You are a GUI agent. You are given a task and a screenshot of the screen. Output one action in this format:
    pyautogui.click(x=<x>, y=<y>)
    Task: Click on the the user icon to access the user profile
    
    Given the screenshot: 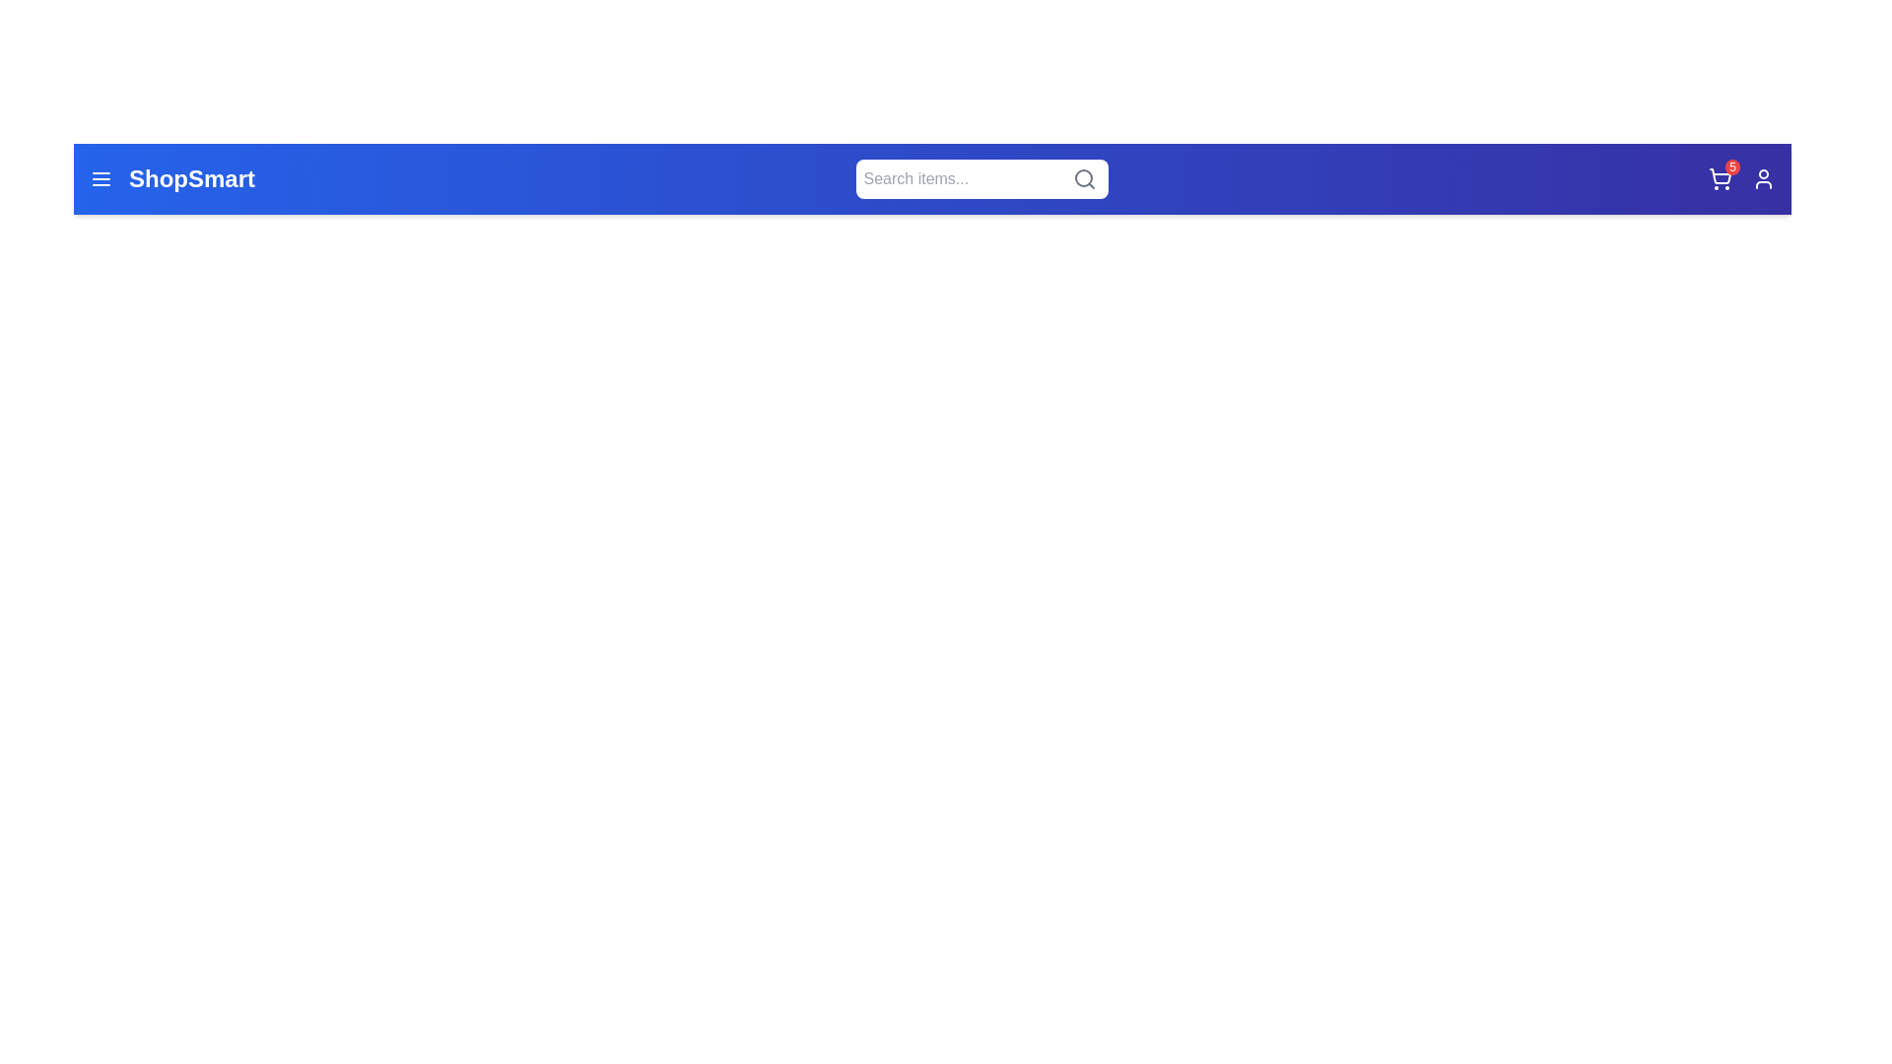 What is the action you would take?
    pyautogui.click(x=1764, y=178)
    